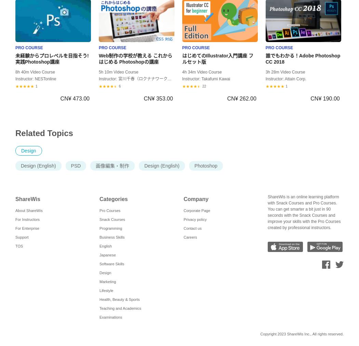  Describe the element at coordinates (304, 212) in the screenshot. I see `'ShareWis is an online learning platform with Snack Courses and Pro Courses. You can get smarter a bit just in 90 seconds with the Snack Courses and improve your skills with the Pro Courses created by professional instructors.'` at that location.